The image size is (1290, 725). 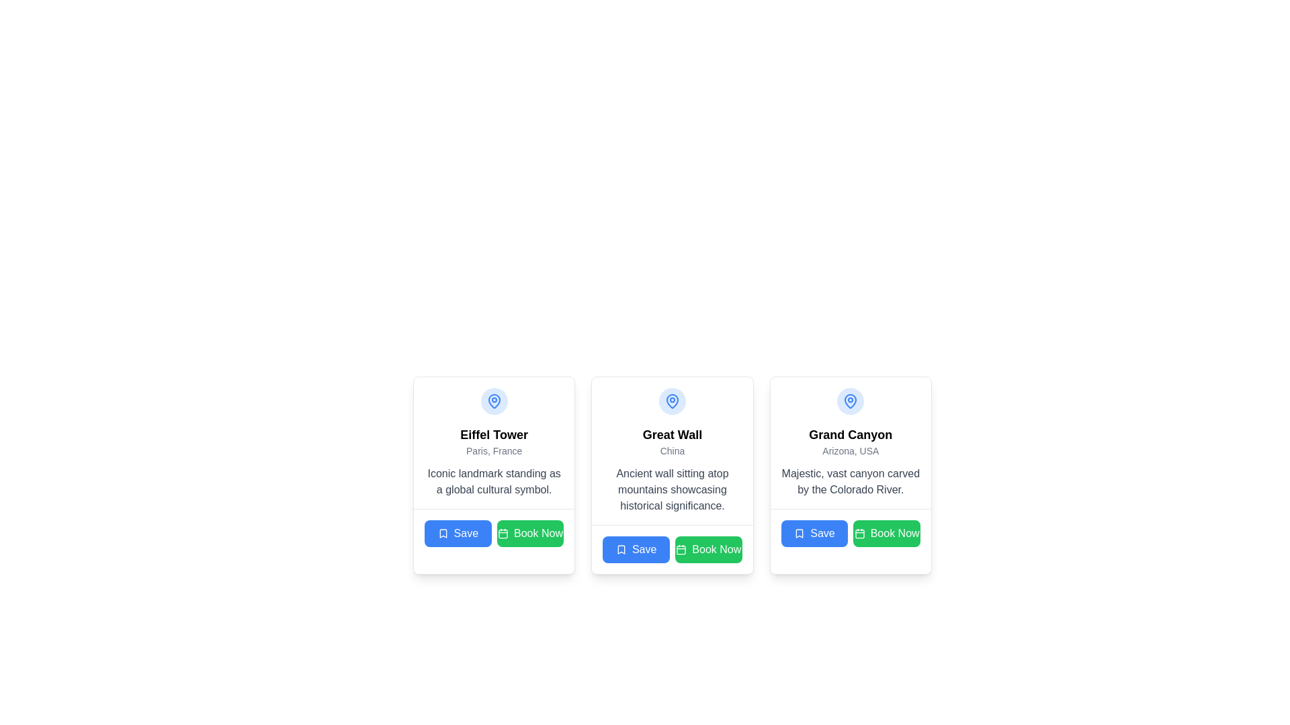 I want to click on the text label that represents the geographic location associated with the 'Great Wall' description, which is located directly beneath the 'Great Wall' text and above the detailed description within the middle card of three displayed in the interface, so click(x=672, y=450).